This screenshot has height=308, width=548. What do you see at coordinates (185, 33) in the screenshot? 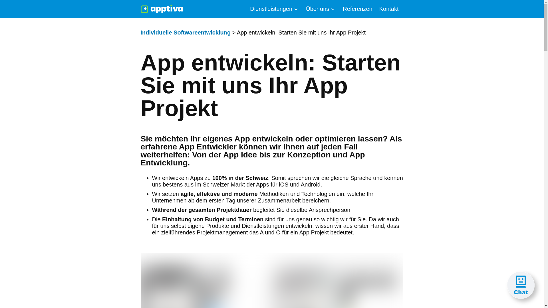
I see `'Individuelle Softwareentwicklung'` at bounding box center [185, 33].